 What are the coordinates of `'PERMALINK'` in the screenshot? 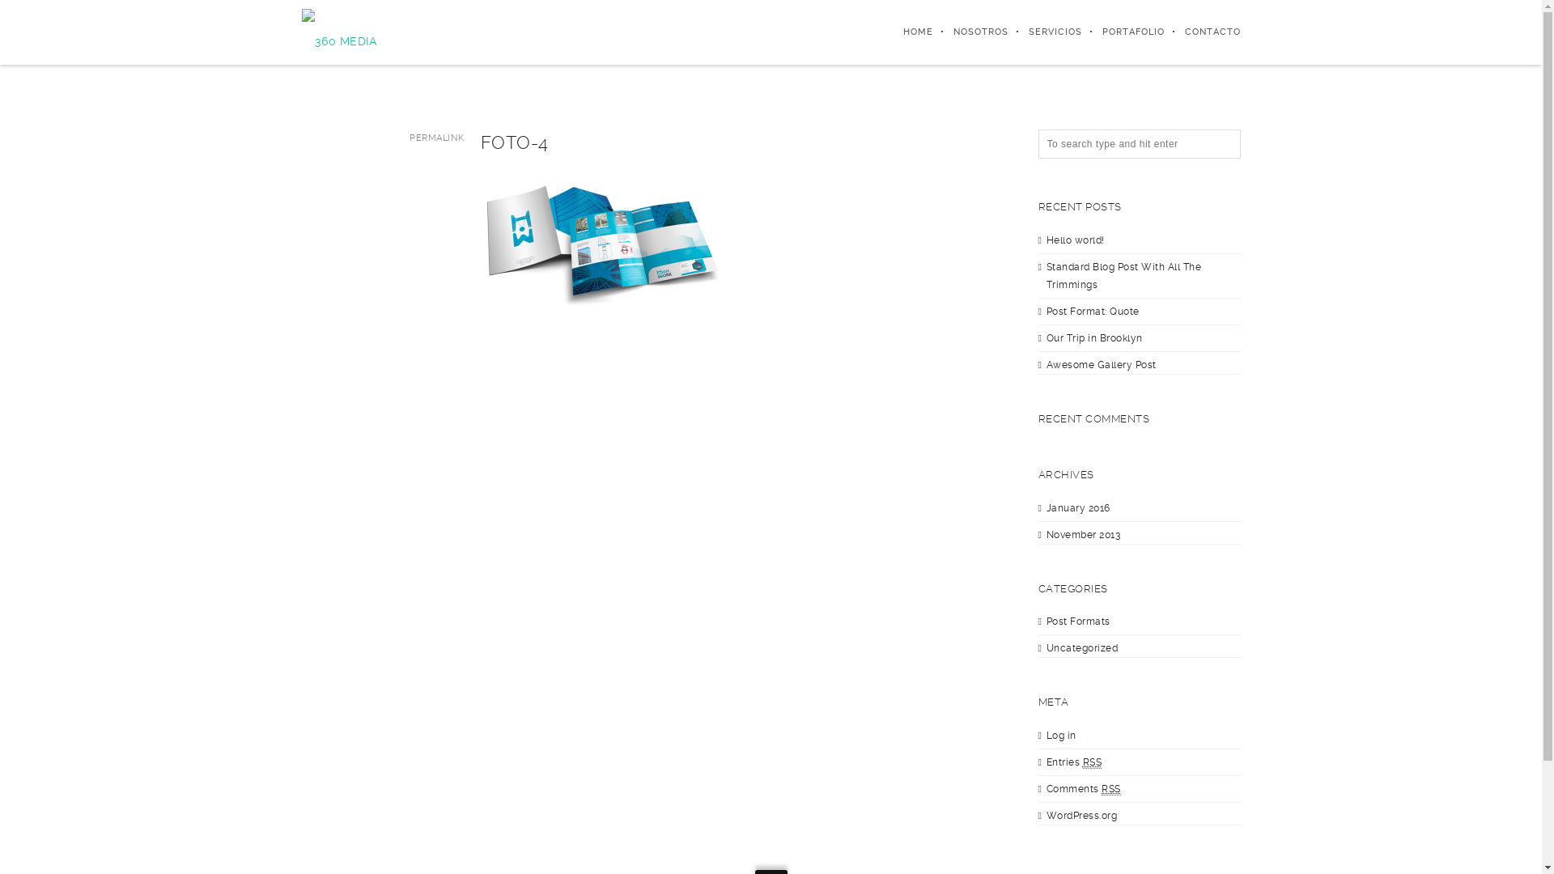 It's located at (409, 137).